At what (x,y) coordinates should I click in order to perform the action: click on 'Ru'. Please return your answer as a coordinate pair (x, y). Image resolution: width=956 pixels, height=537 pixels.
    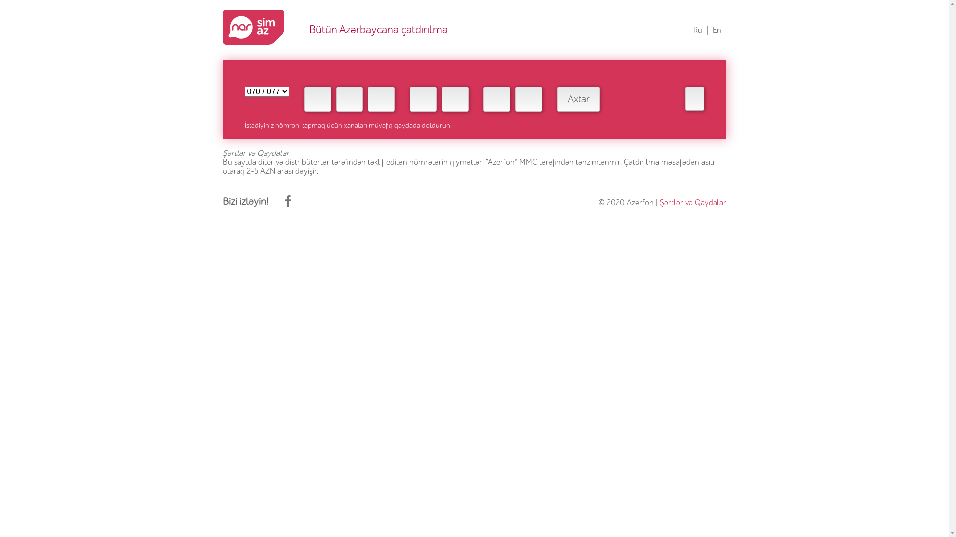
    Looking at the image, I should click on (697, 30).